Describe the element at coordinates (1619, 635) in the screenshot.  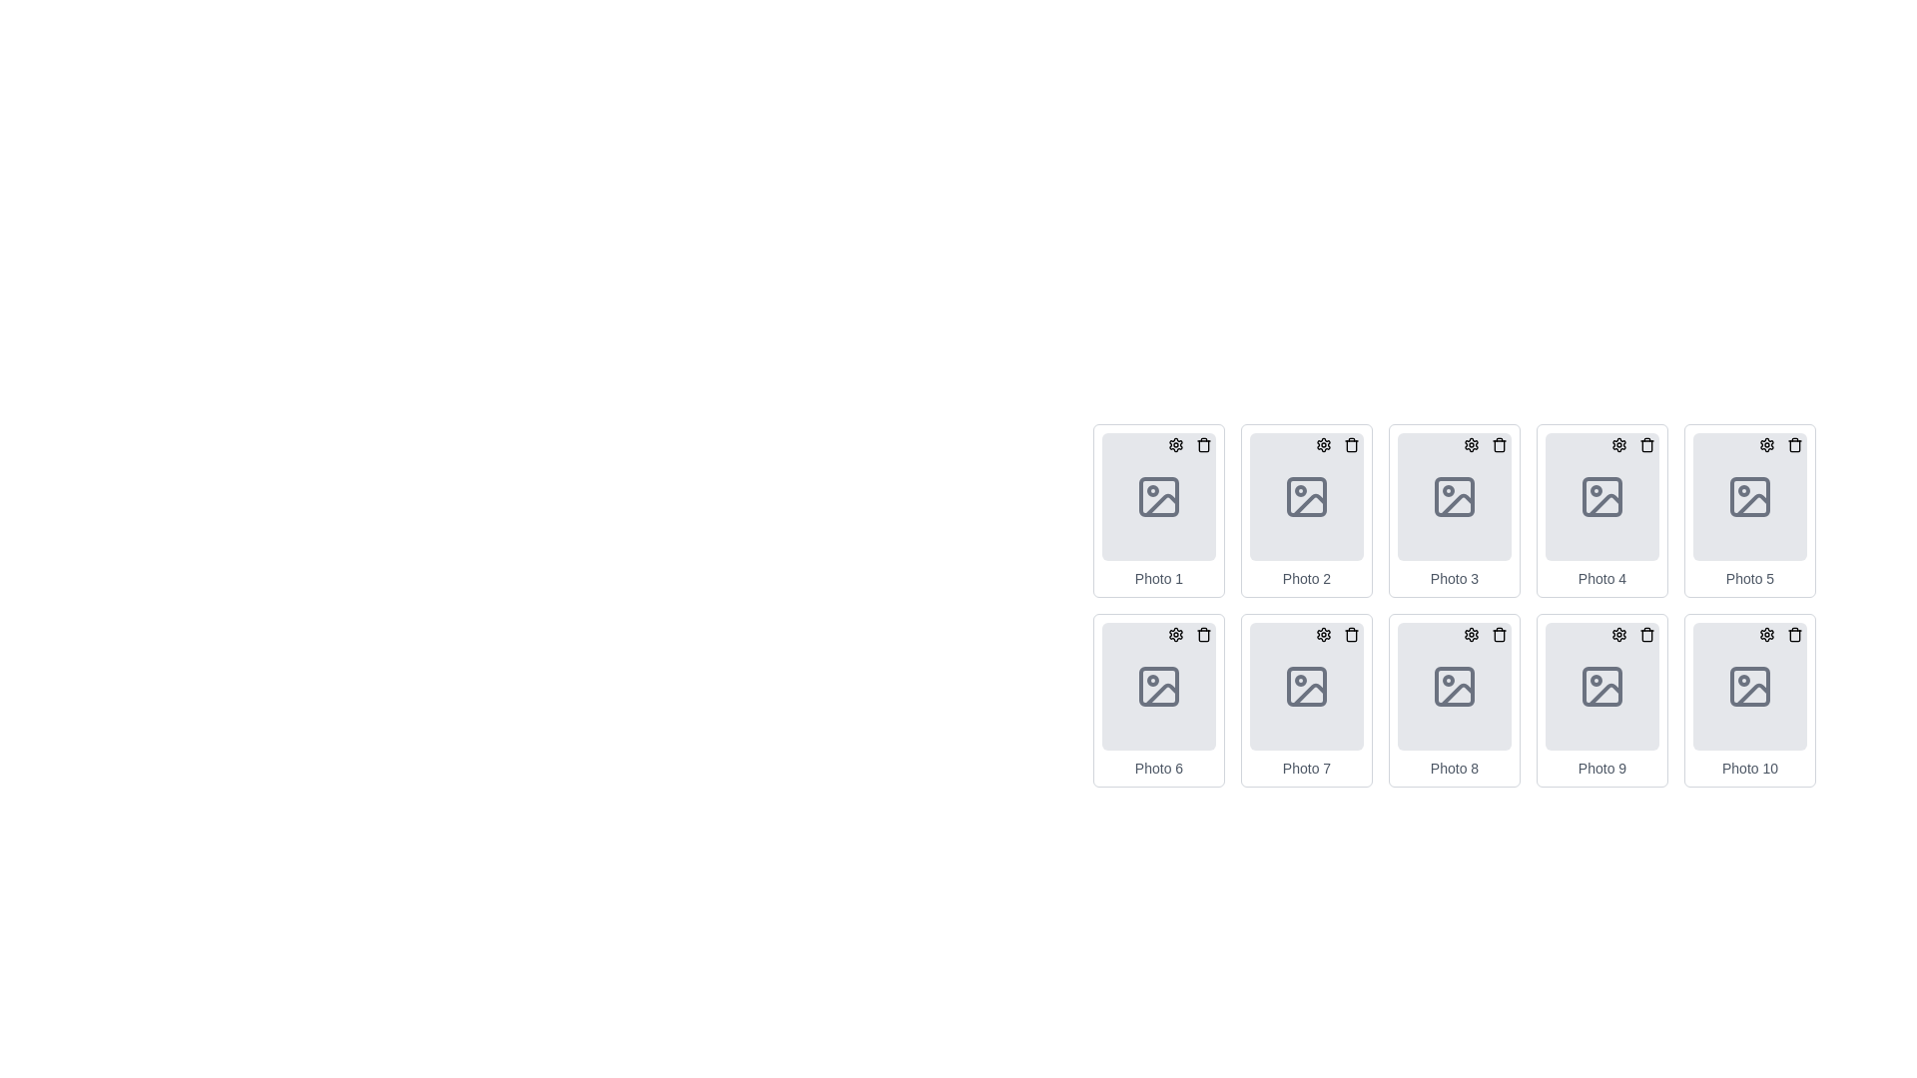
I see `the gear-shaped settings icon located at the top-left corner of the 'Photo 9' card` at that location.